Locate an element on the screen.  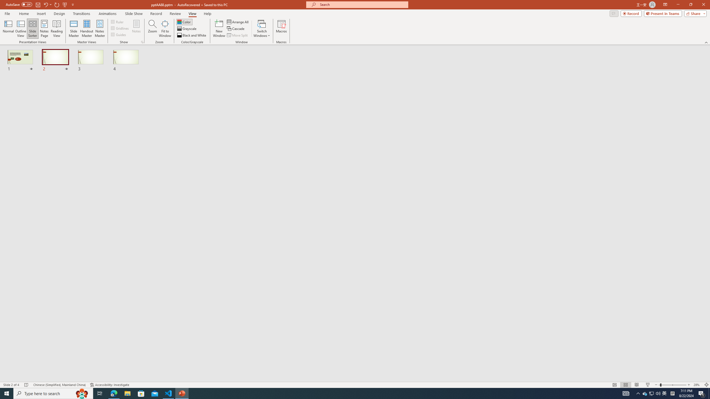
'Black and White' is located at coordinates (192, 35).